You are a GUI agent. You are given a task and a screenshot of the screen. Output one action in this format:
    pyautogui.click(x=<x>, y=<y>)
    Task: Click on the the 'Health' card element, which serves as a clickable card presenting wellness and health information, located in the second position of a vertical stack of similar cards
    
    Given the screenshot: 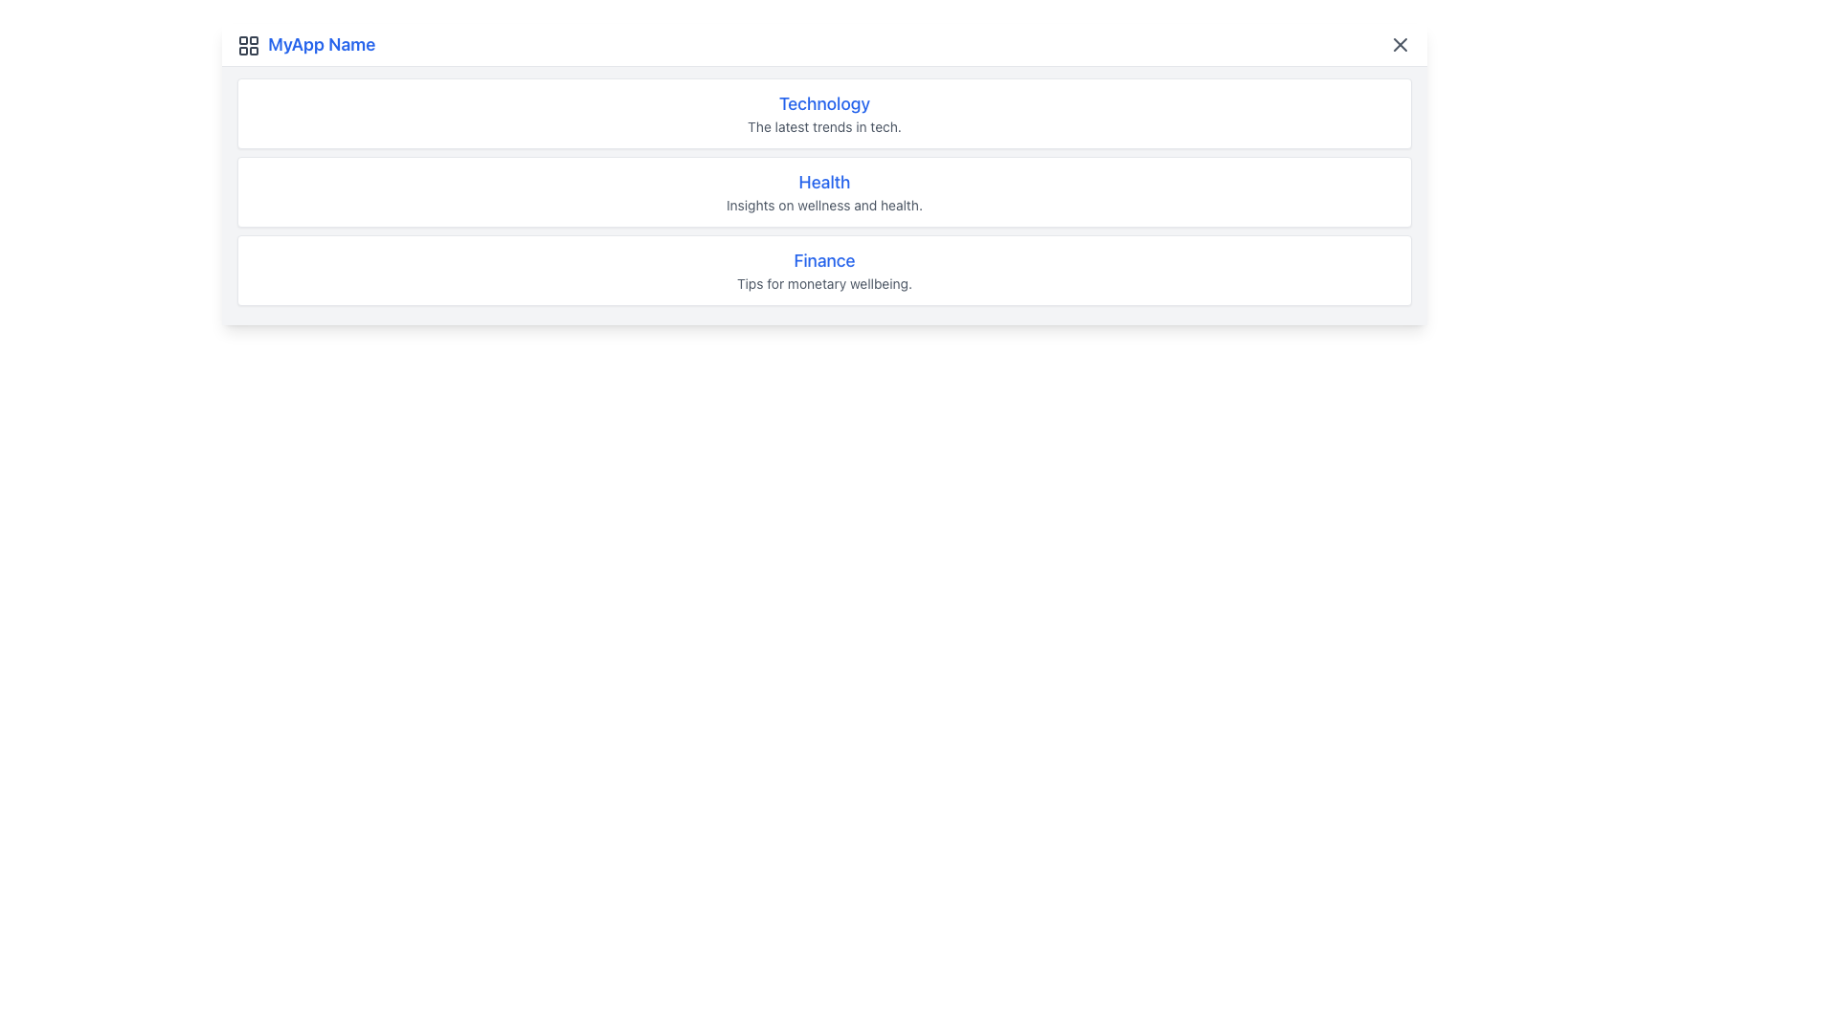 What is the action you would take?
    pyautogui.click(x=824, y=191)
    